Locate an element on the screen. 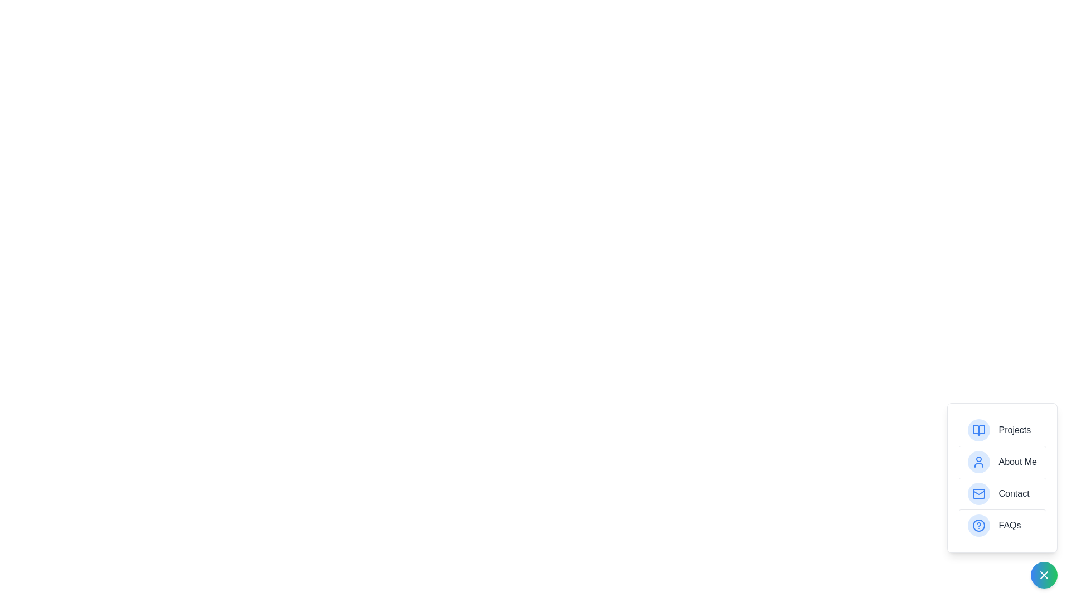 The height and width of the screenshot is (602, 1071). the menu item labeled FAQs to select it is located at coordinates (1002, 525).